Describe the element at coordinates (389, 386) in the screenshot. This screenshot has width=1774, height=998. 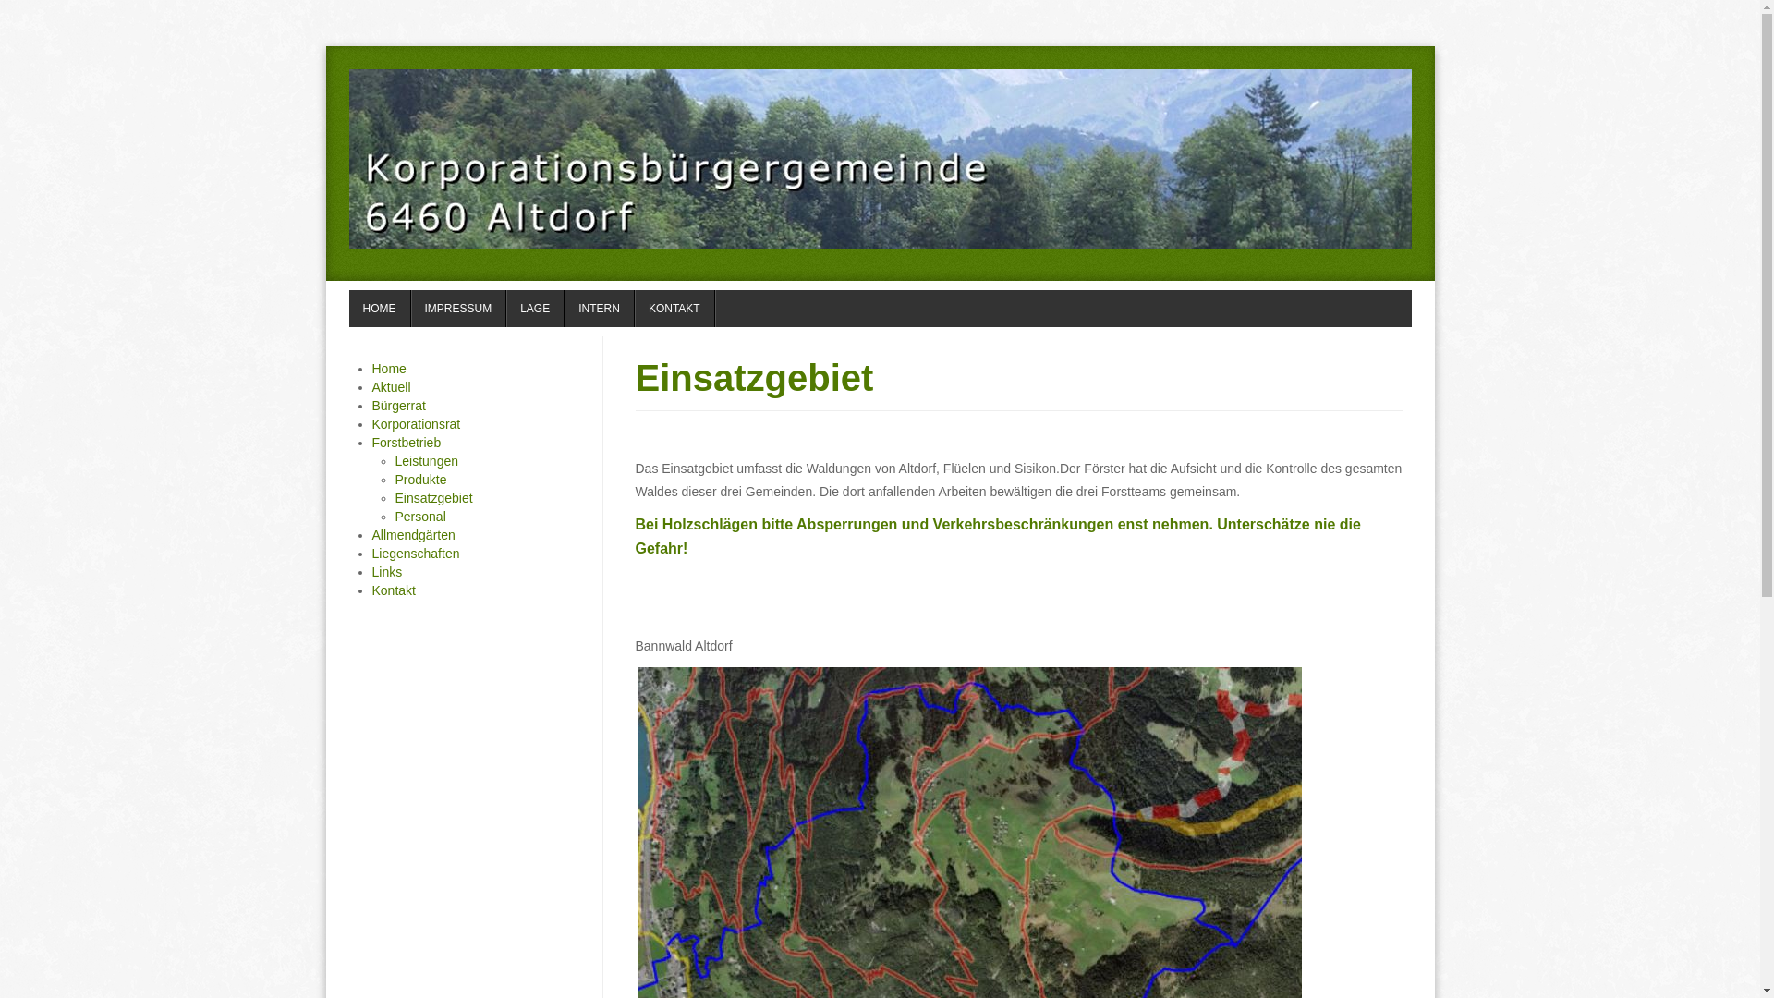
I see `'Aktuell'` at that location.